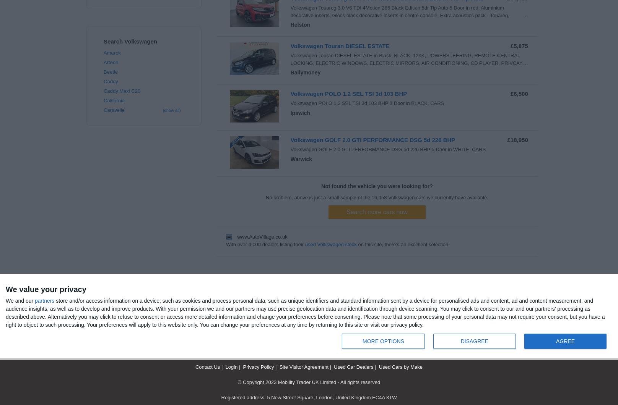  What do you see at coordinates (237, 236) in the screenshot?
I see `'www.AutoVillage.co.uk'` at bounding box center [237, 236].